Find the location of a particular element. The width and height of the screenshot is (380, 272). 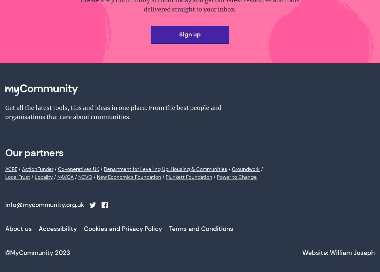

'©MyCommunity 2023' is located at coordinates (37, 253).